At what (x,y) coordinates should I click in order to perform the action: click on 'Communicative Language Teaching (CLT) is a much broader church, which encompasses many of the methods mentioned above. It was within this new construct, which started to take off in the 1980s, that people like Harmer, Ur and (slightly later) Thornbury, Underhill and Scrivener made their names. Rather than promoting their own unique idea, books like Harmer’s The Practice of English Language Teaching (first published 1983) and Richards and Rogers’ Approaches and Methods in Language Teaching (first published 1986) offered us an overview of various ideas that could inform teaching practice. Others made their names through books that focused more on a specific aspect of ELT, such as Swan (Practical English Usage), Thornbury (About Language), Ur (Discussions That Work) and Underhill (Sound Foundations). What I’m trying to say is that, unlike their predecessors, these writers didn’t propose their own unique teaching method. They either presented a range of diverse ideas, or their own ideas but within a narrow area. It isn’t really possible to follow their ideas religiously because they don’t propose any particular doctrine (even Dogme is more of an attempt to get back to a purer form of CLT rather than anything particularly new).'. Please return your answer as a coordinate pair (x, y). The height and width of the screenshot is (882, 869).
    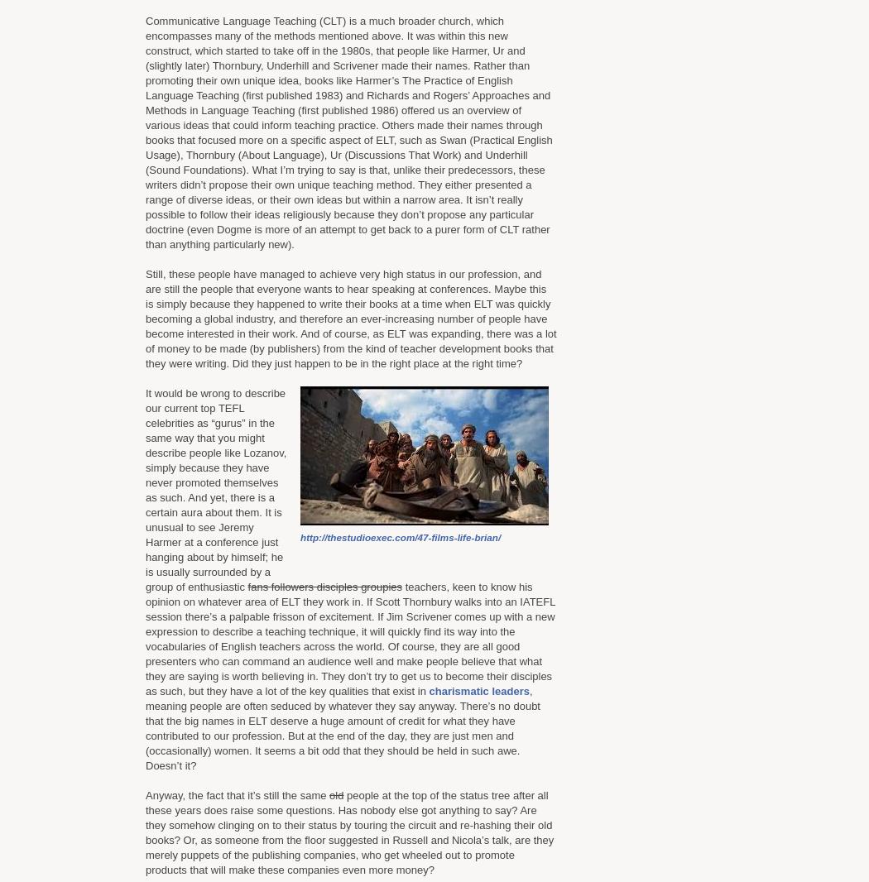
    Looking at the image, I should click on (348, 132).